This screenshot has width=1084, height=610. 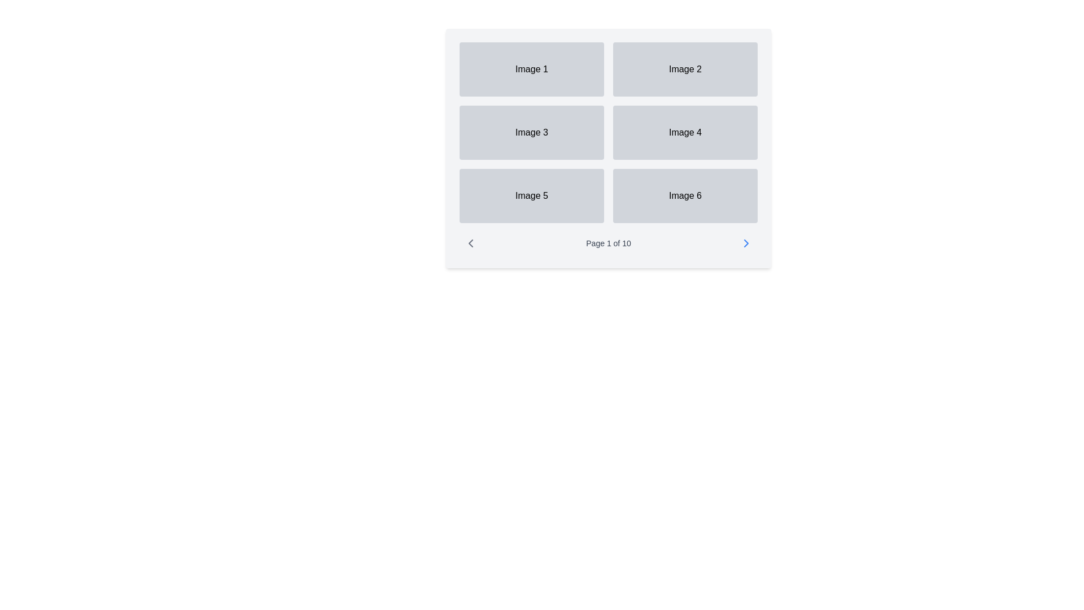 I want to click on the disabled navigation button located at the bottom-left corner, which is grayed out and positioned to the left of the current page status text ('Page 1 of 10'), so click(x=471, y=243).